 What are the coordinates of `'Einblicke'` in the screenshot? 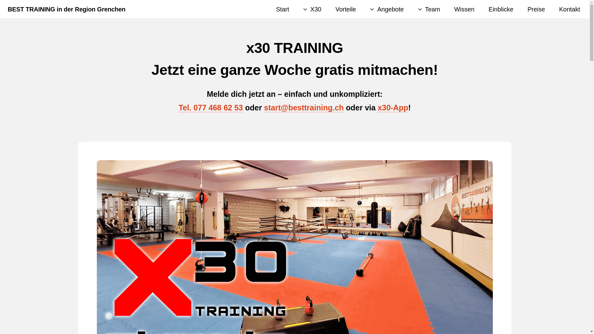 It's located at (501, 9).